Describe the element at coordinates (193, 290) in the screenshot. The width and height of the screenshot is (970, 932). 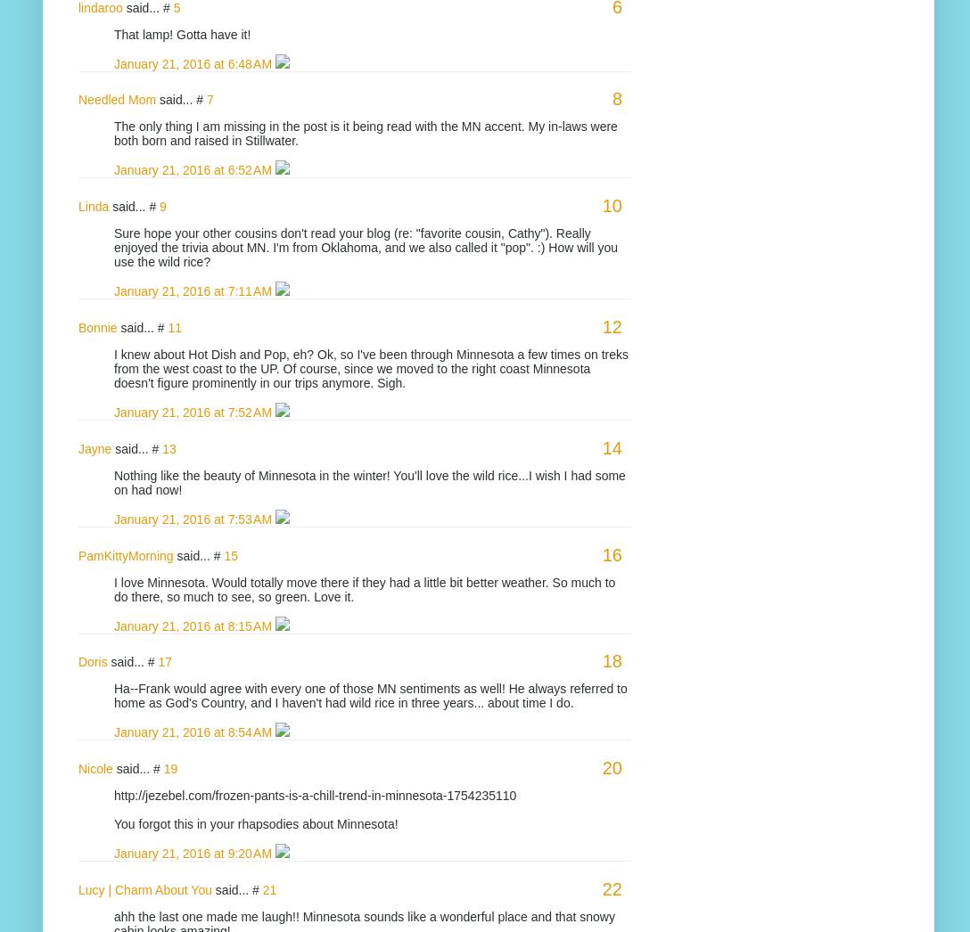
I see `'January 21, 2016 at 7:11 AM'` at that location.